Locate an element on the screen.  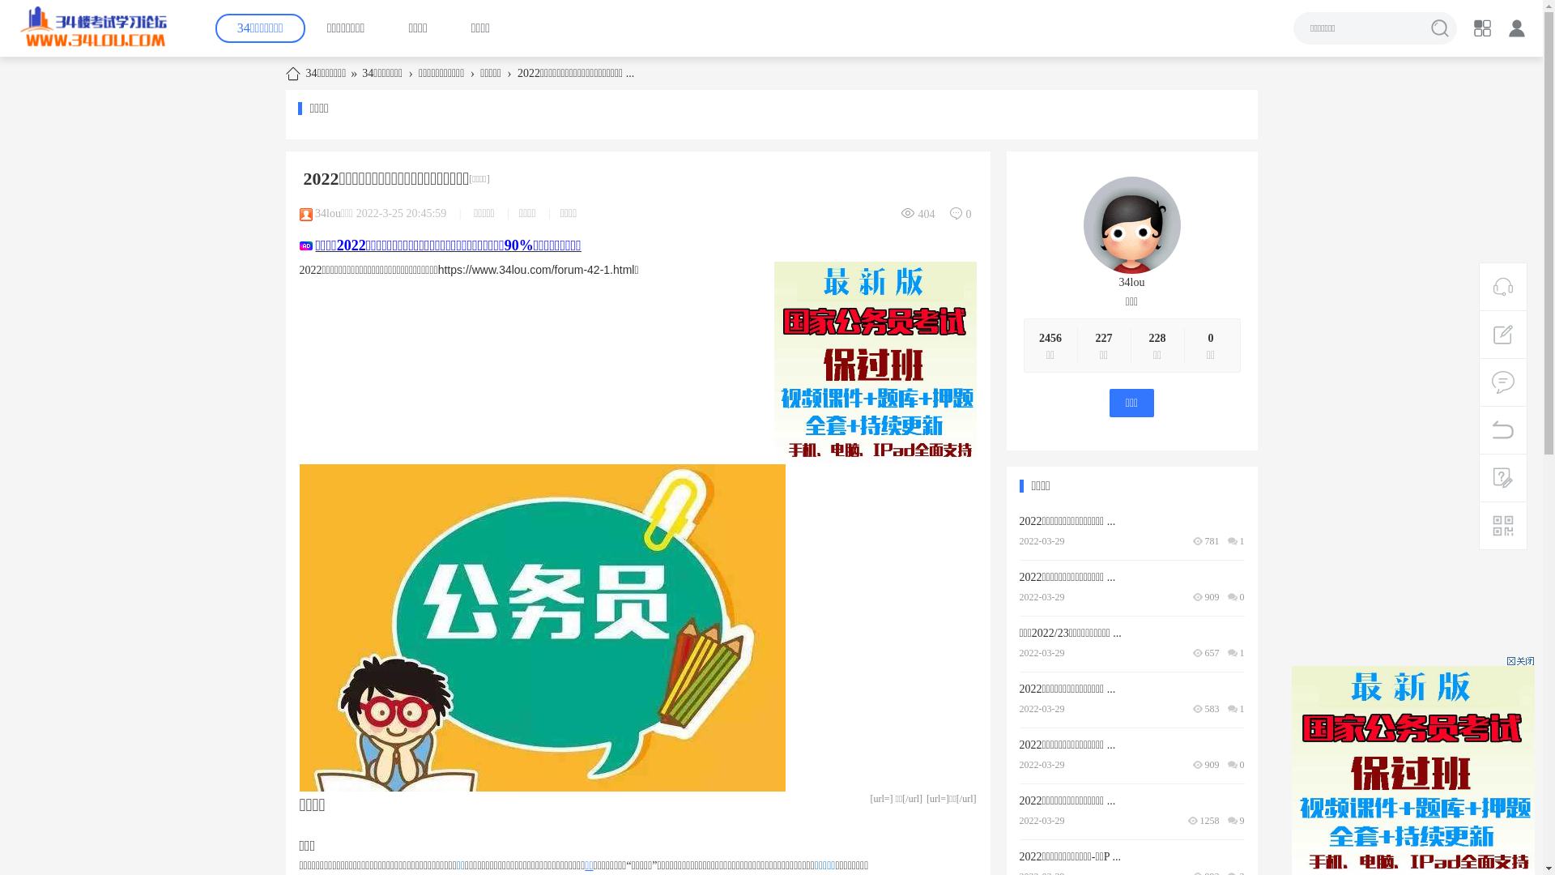
'228' is located at coordinates (1147, 337).